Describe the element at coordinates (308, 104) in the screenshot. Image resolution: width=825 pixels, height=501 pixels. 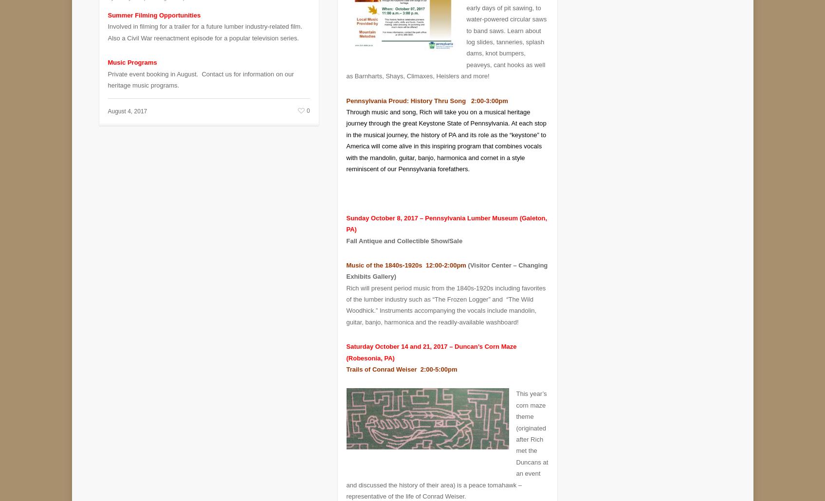
I see `'0'` at that location.